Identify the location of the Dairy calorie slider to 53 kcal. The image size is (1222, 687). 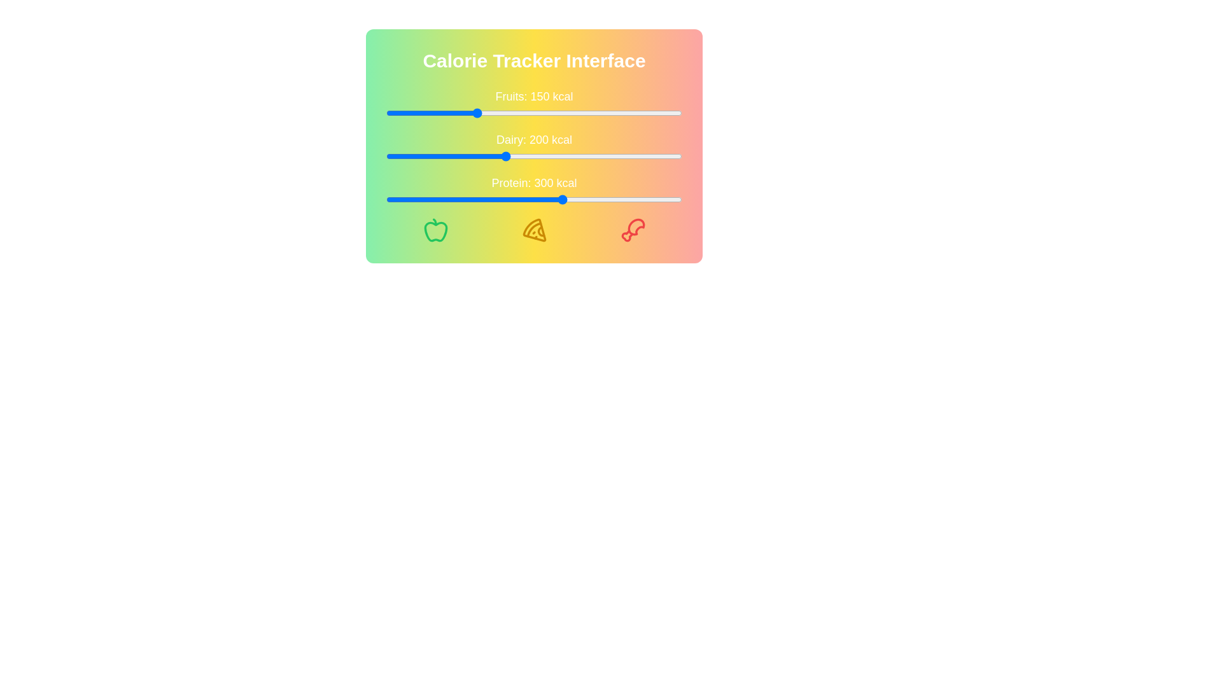
(418, 156).